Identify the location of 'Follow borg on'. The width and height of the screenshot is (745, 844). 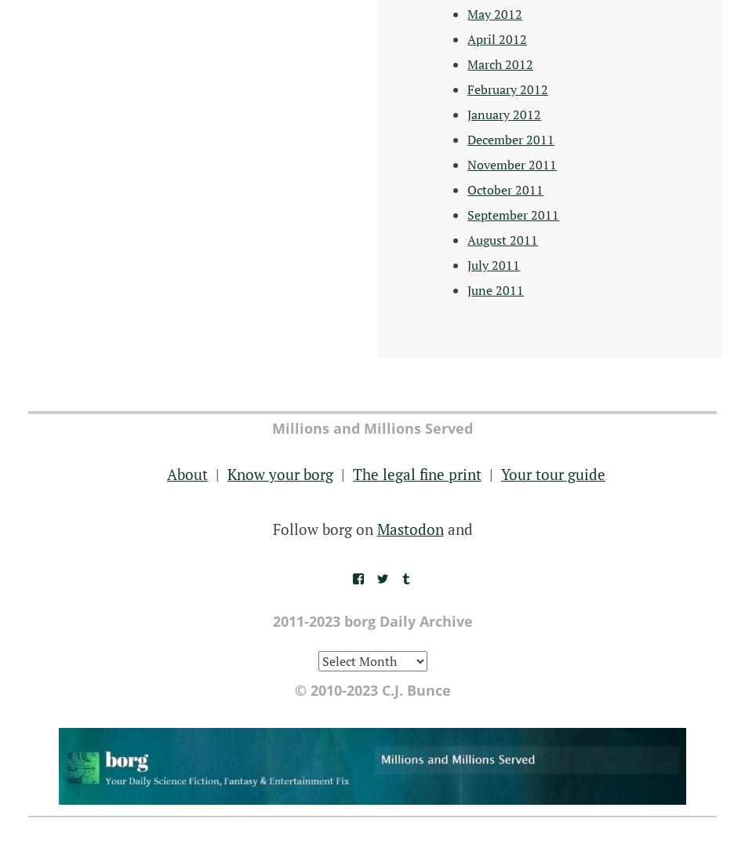
(323, 527).